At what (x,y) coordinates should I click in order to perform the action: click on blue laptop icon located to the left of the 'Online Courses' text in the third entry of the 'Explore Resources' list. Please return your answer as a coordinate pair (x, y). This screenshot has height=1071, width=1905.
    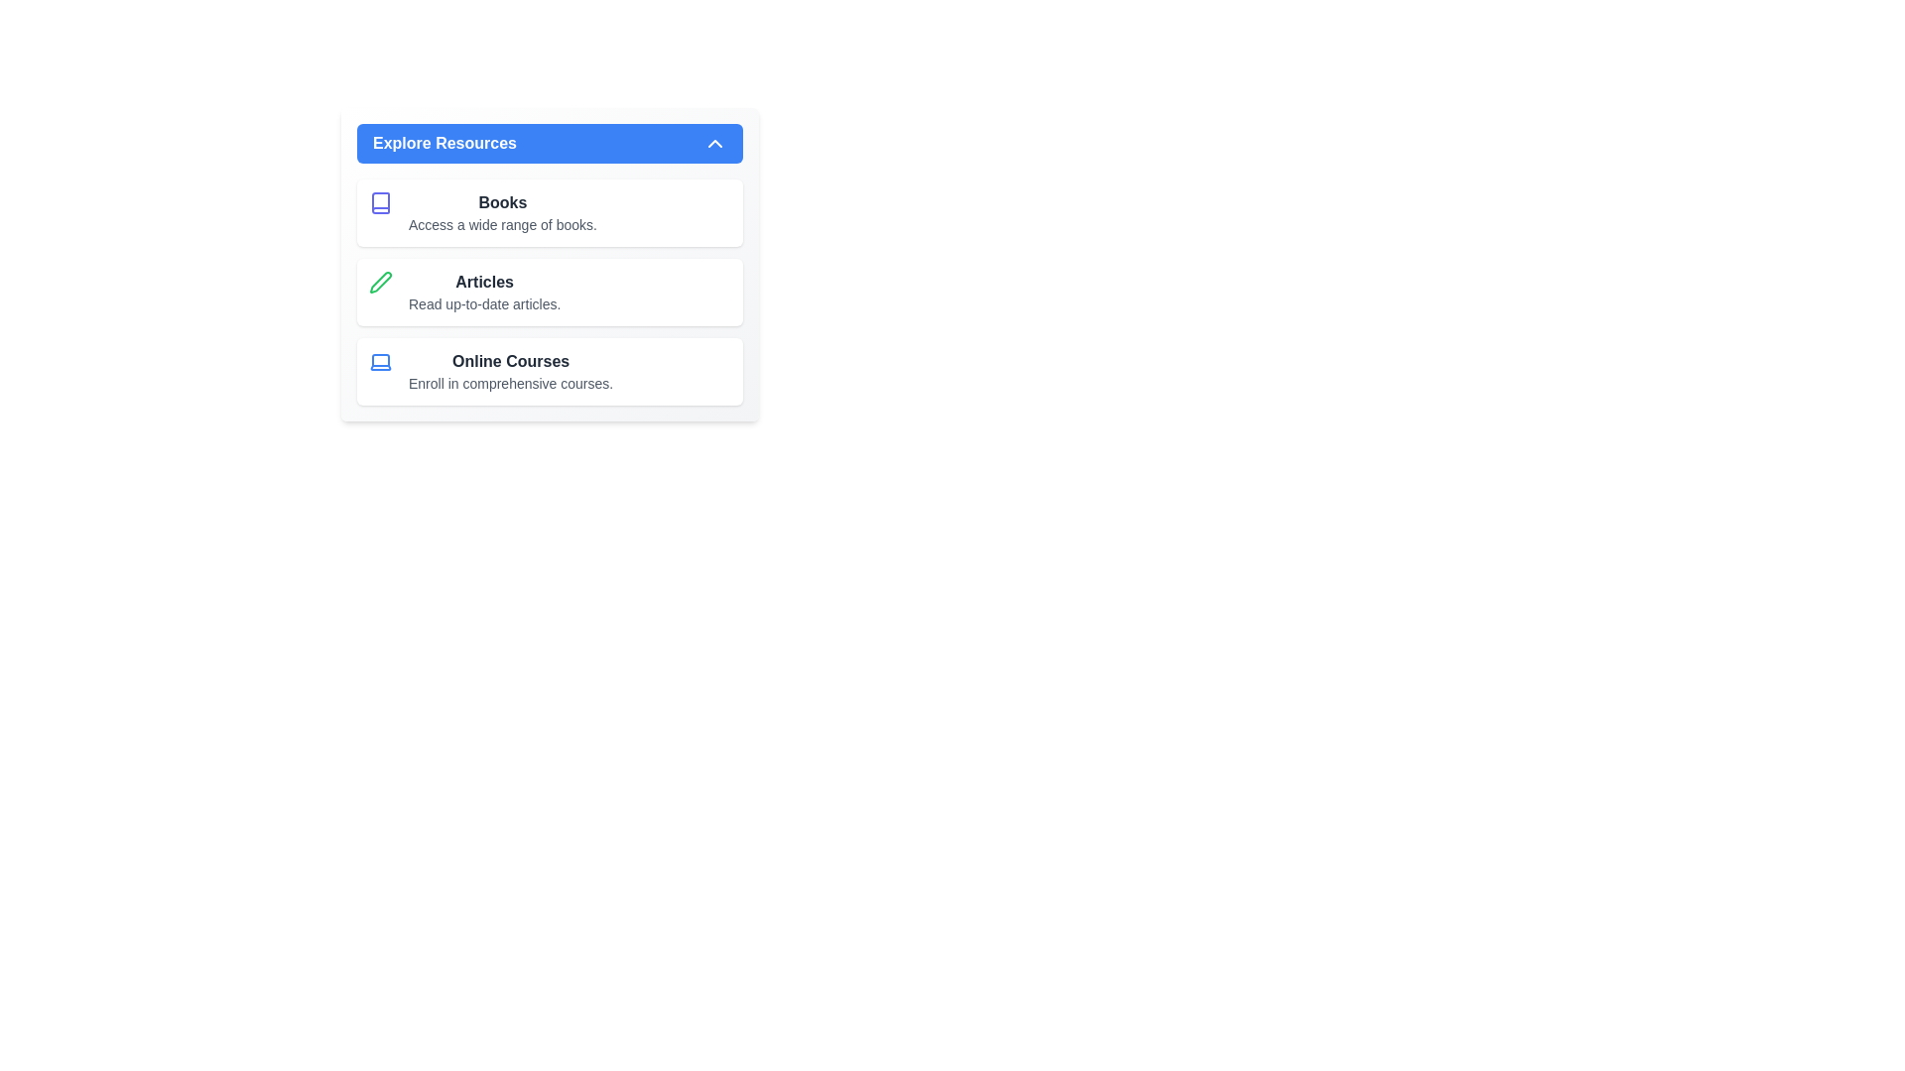
    Looking at the image, I should click on (381, 362).